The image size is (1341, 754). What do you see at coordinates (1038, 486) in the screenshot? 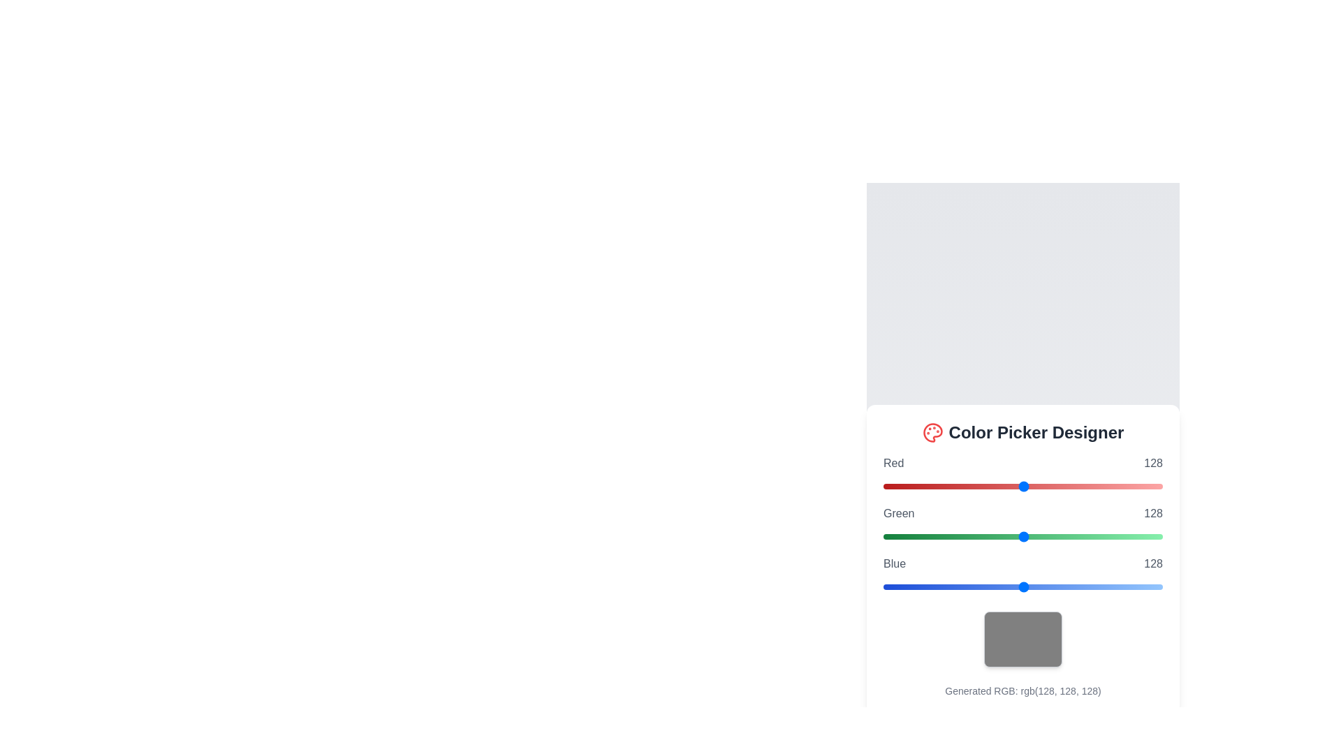
I see `the red color slider to set the value to 141` at bounding box center [1038, 486].